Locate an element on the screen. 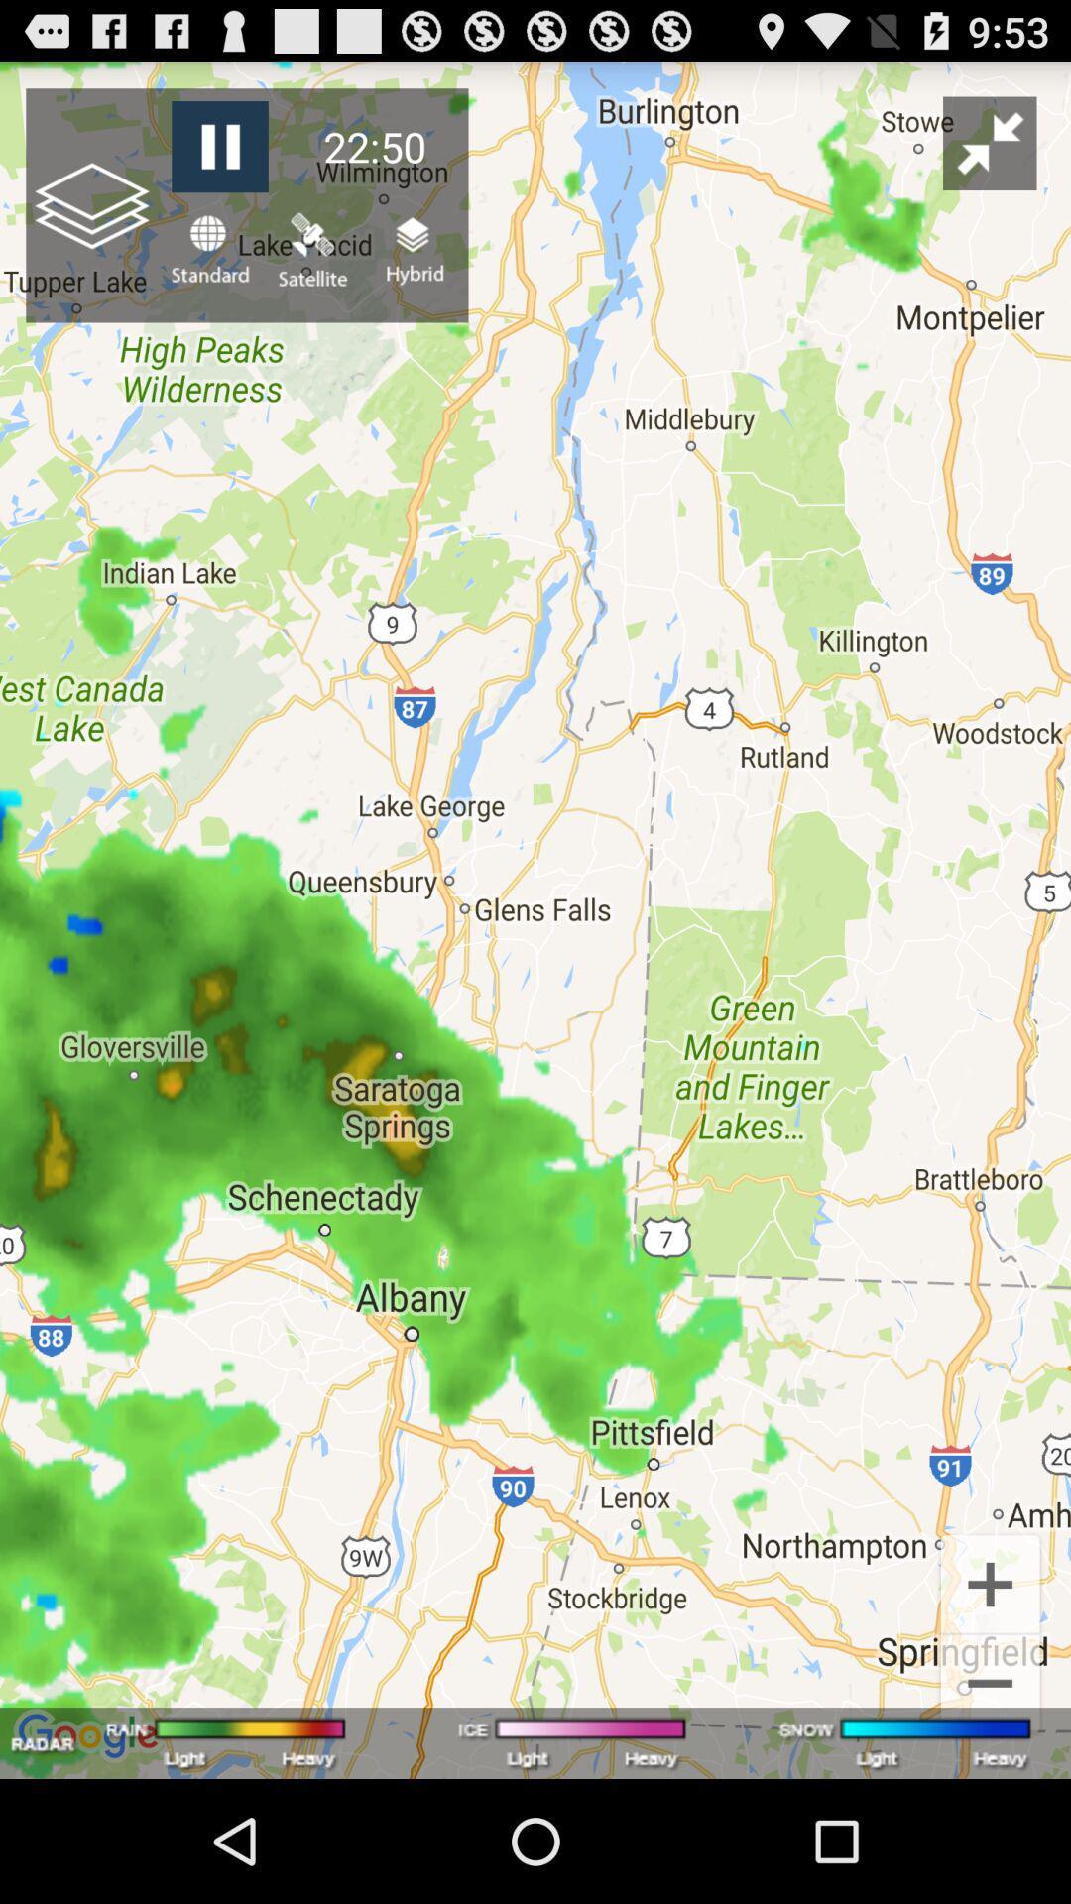  the layers icon is located at coordinates (412, 267).